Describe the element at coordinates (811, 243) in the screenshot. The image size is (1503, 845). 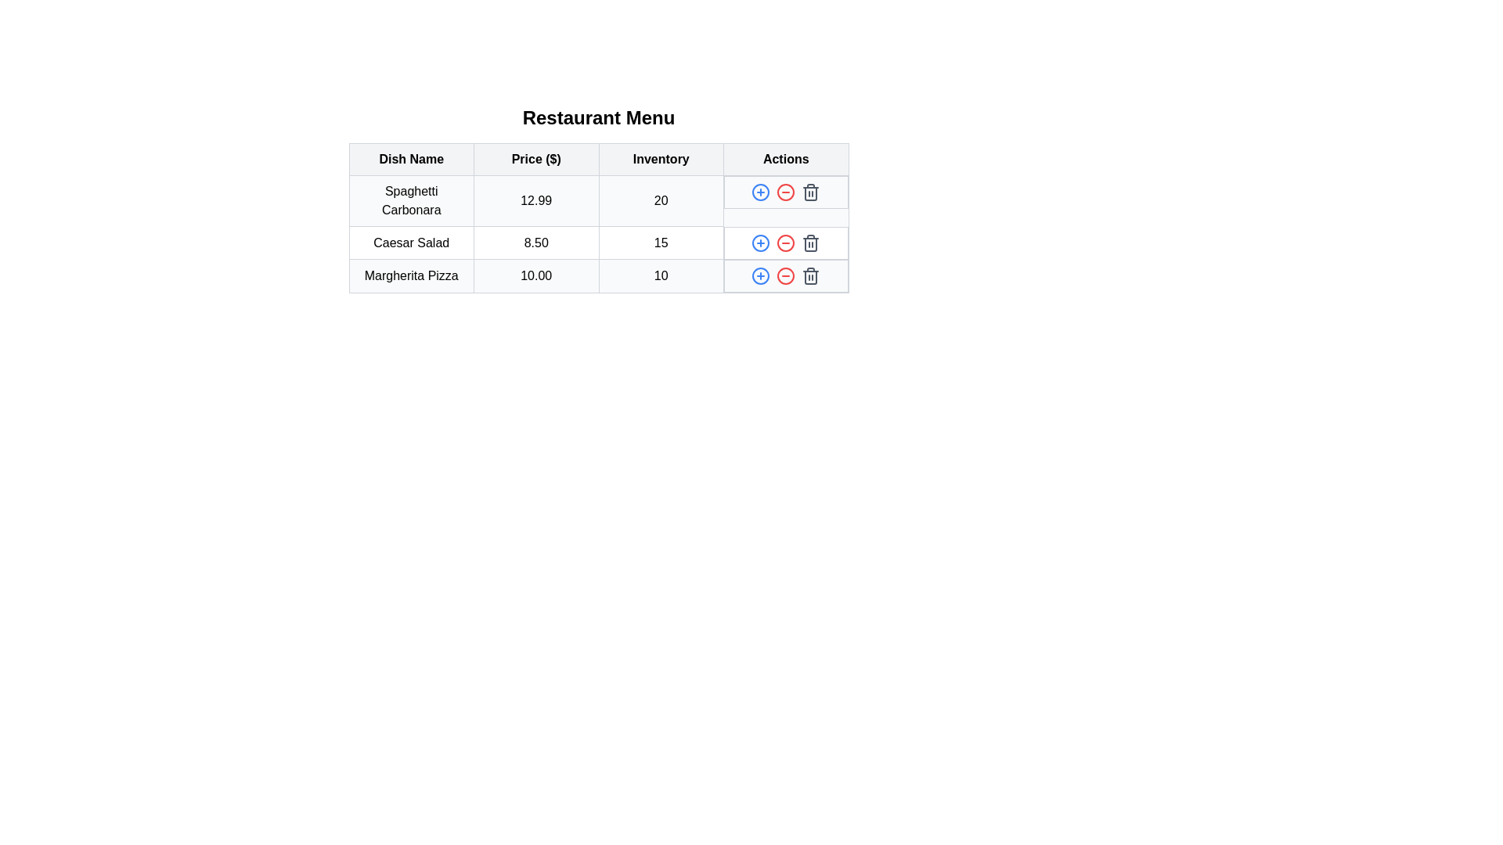
I see `the trash icon for the menu item Caesar Salad` at that location.